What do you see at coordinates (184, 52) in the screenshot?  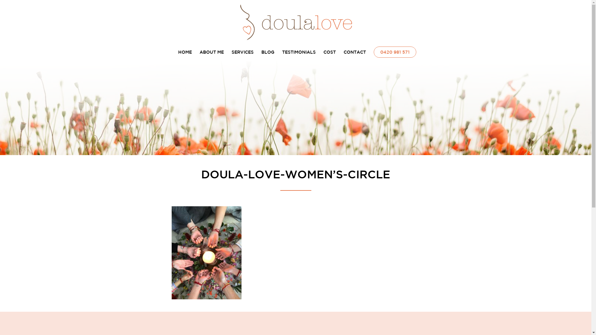 I see `'HOME'` at bounding box center [184, 52].